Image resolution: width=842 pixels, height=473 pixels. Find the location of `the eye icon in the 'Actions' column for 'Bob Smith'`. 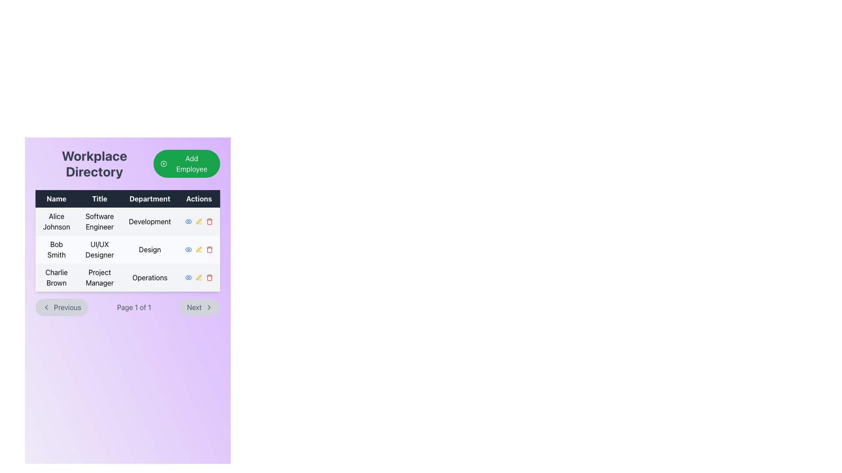

the eye icon in the 'Actions' column for 'Bob Smith' is located at coordinates (188, 221).